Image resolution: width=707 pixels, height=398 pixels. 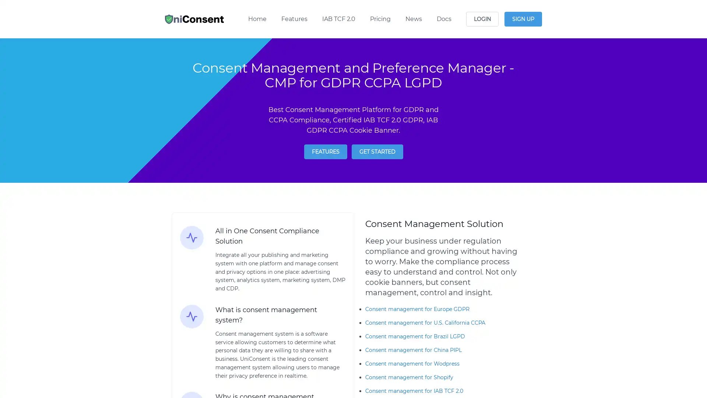 What do you see at coordinates (103, 384) in the screenshot?
I see `Reject All` at bounding box center [103, 384].